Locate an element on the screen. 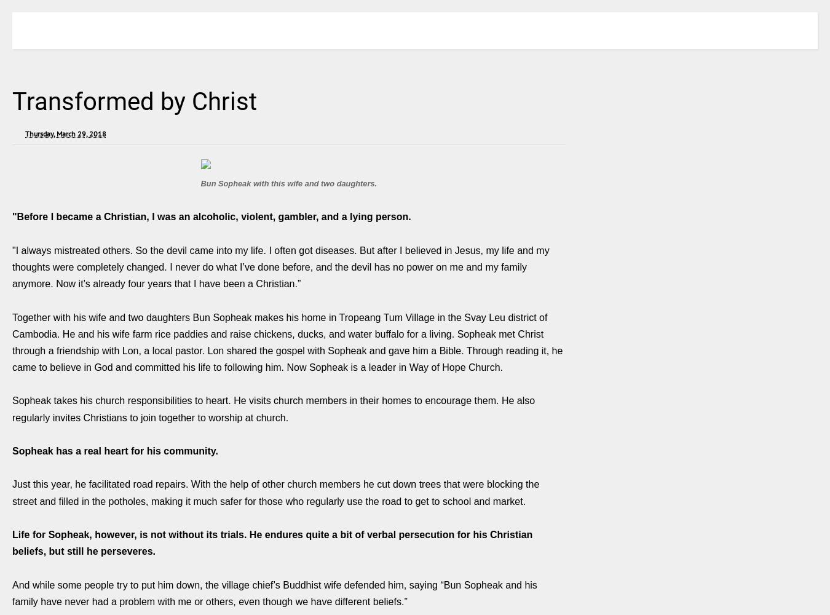 This screenshot has height=615, width=830. 'A Presidential Chat: FH Canada welcomes a new leader' is located at coordinates (713, 347).